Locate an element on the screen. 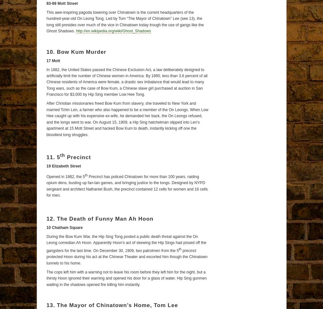 The height and width of the screenshot is (309, 323). '19 Elizabeth Street' is located at coordinates (63, 166).